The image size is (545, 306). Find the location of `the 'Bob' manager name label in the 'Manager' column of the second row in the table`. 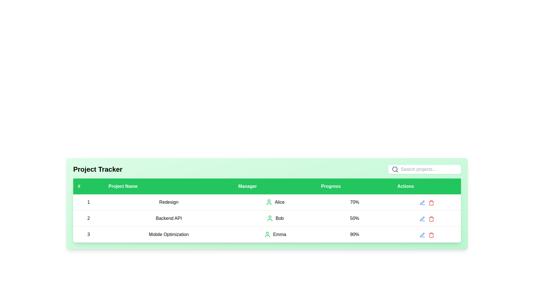

the 'Bob' manager name label in the 'Manager' column of the second row in the table is located at coordinates (275, 218).